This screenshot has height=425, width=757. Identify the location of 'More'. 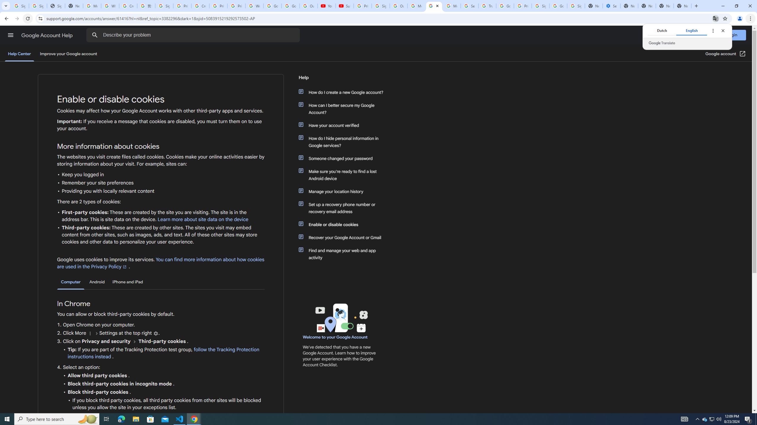
(90, 333).